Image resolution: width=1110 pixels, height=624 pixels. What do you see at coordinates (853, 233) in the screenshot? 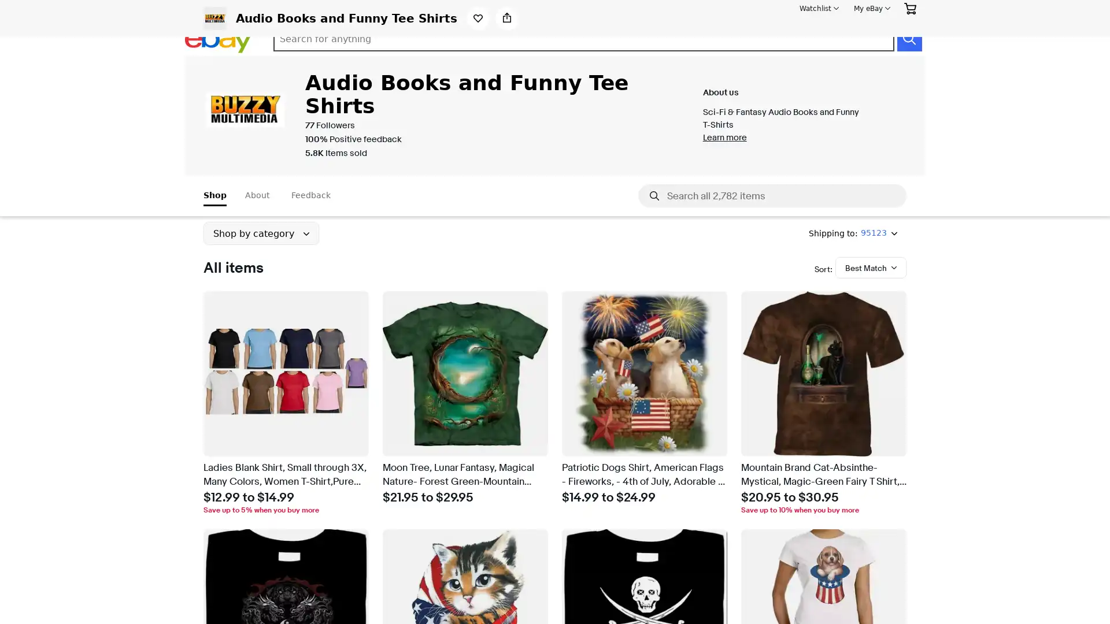
I see `Shipping to:95123` at bounding box center [853, 233].